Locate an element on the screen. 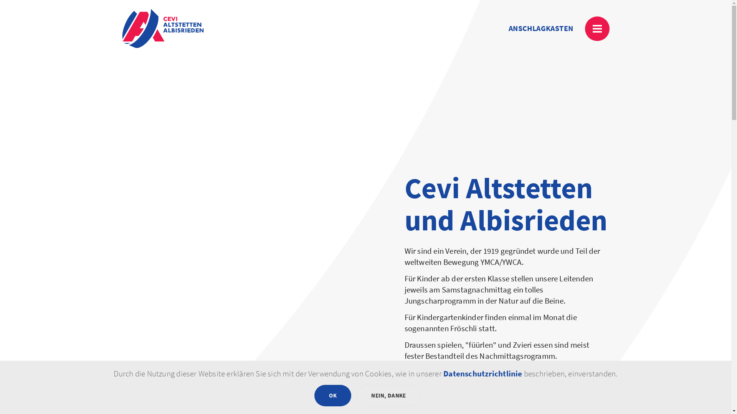 The width and height of the screenshot is (737, 414). 'Datenschutzrichtlinie' is located at coordinates (483, 373).